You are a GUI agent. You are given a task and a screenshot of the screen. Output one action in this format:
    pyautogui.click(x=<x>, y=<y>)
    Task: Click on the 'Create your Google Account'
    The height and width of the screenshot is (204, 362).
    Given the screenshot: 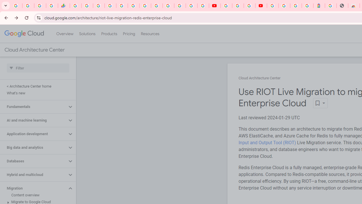 What is the action you would take?
    pyautogui.click(x=249, y=6)
    